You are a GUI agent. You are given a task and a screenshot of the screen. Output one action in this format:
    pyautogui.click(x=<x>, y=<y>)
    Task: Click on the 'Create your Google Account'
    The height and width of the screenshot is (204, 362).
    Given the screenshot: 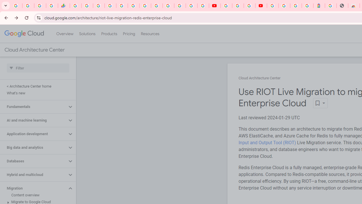 What is the action you would take?
    pyautogui.click(x=249, y=6)
    